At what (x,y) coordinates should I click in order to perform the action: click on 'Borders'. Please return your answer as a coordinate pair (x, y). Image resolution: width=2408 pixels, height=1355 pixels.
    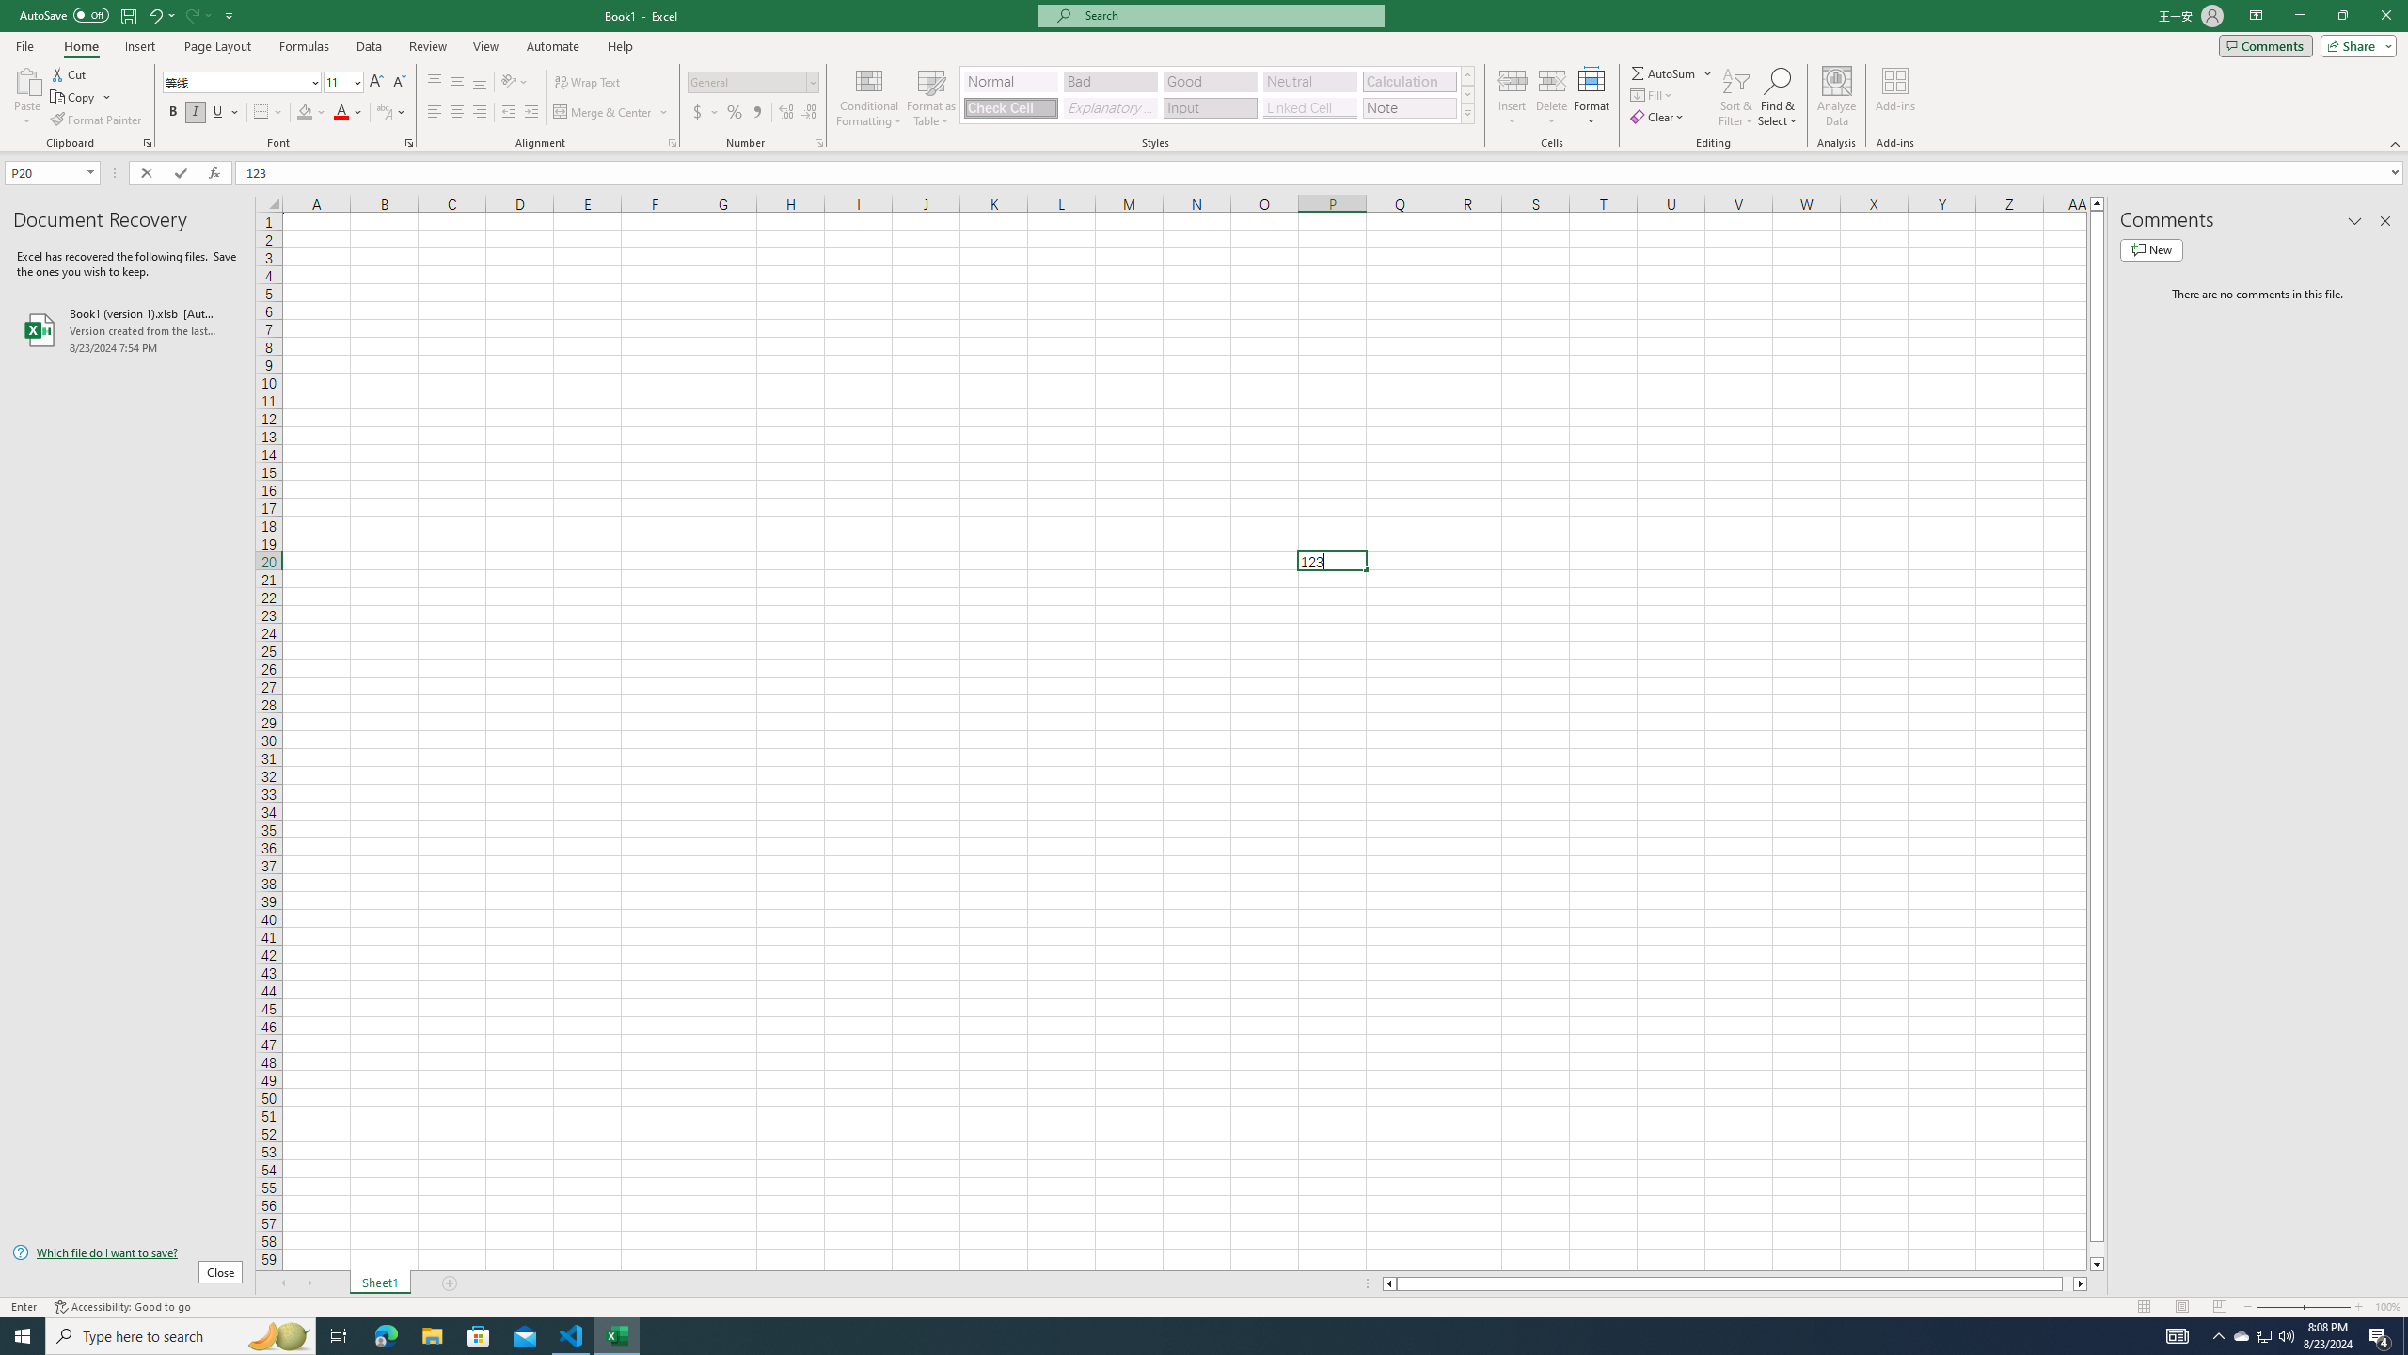
    Looking at the image, I should click on (268, 111).